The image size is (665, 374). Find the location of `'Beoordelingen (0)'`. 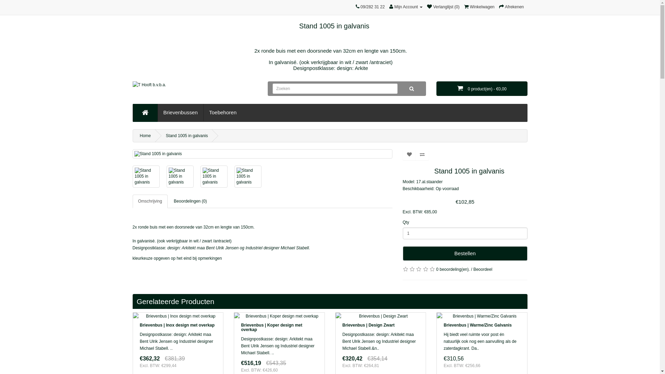

'Beoordelingen (0)' is located at coordinates (190, 201).